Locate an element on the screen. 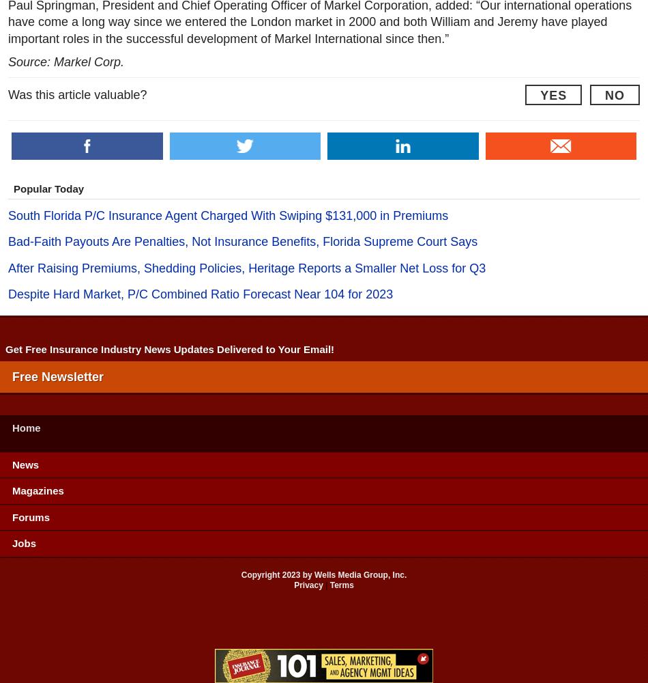 This screenshot has width=648, height=683. 'Bad-Faith Payouts Are Penalties, Not Insurance Benefits, Florida Supreme Court Says' is located at coordinates (241, 241).